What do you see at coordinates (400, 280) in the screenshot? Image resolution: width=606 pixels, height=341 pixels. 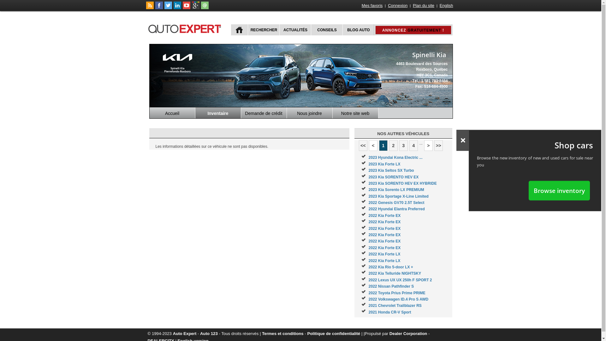 I see `'2022 Lexus UX UX 250h F SPORT 2'` at bounding box center [400, 280].